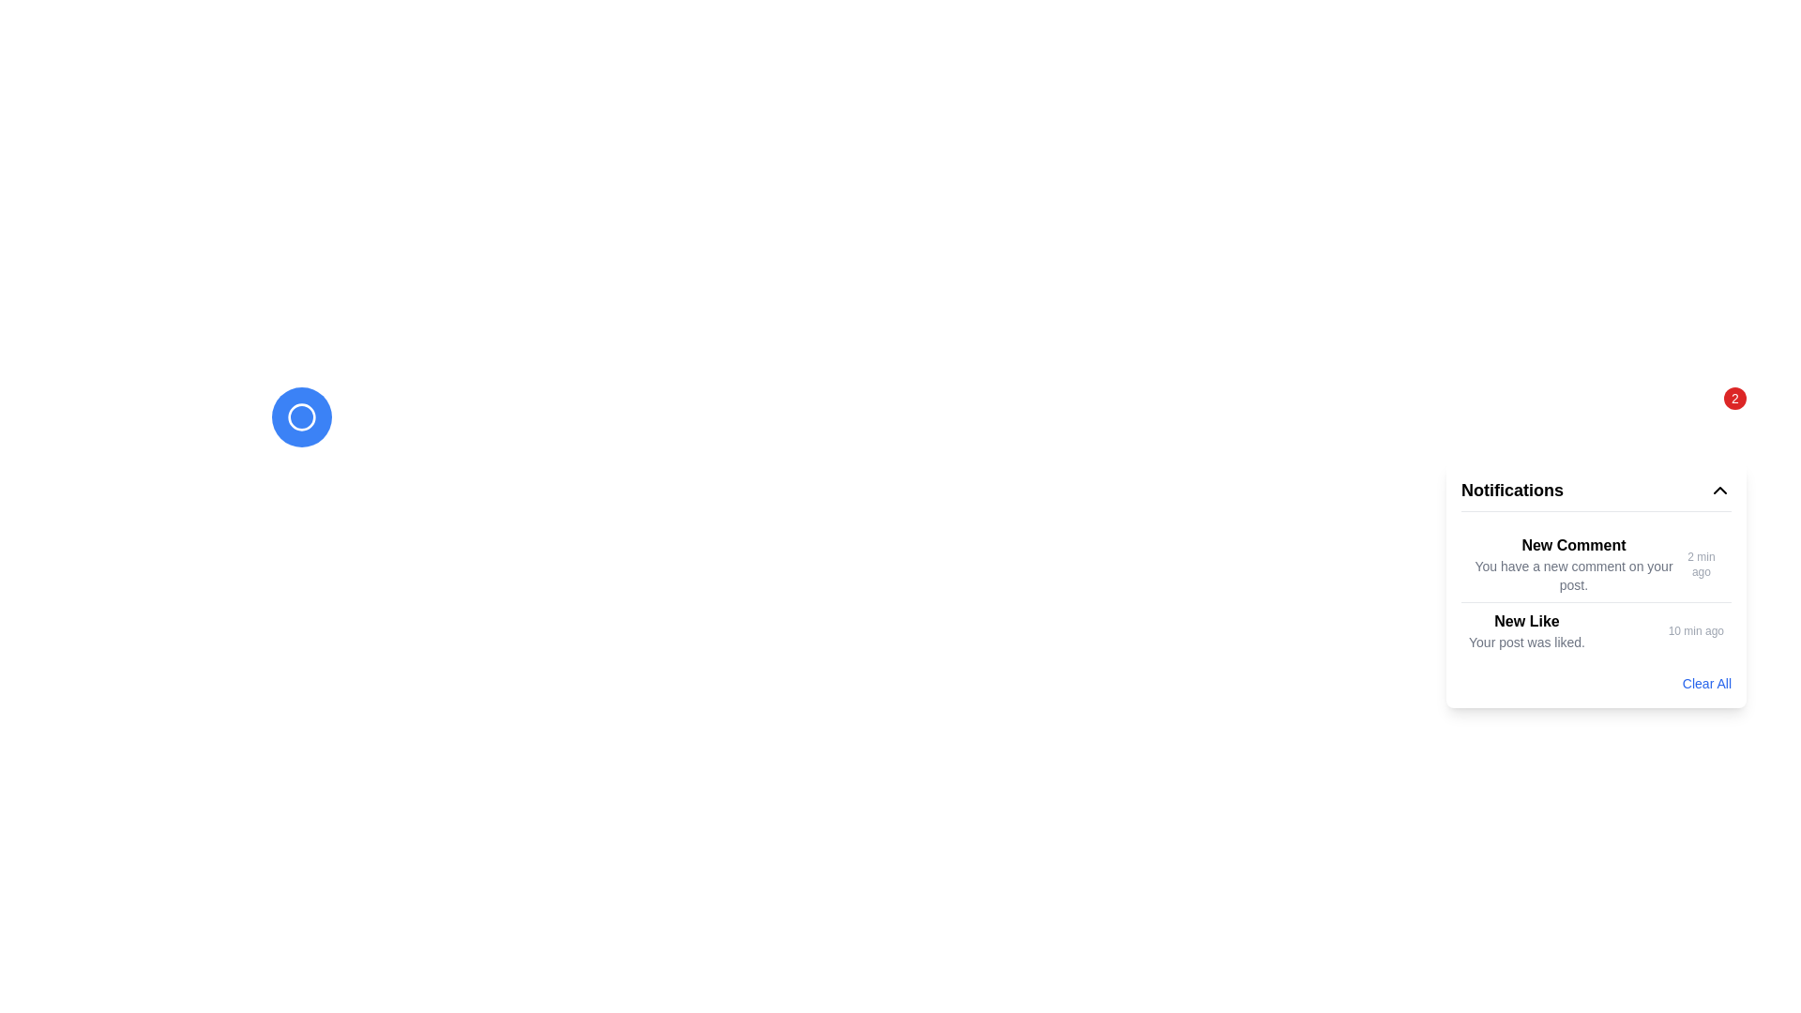  What do you see at coordinates (1702, 563) in the screenshot?
I see `timestamp text located in the top-right corner of the notification entry titled 'New Comment', which is adjacent to the heading text of the notification` at bounding box center [1702, 563].